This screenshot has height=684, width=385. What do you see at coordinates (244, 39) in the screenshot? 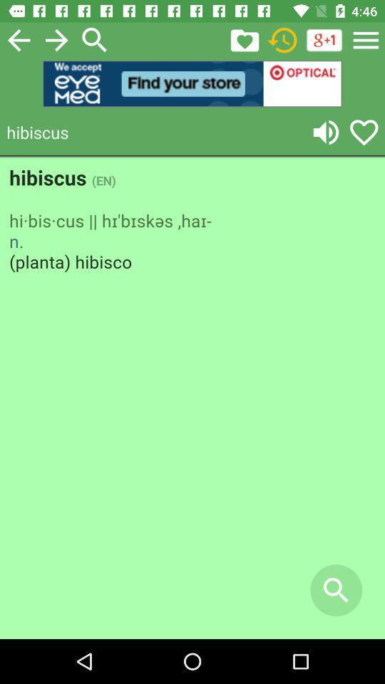
I see `to favorite` at bounding box center [244, 39].